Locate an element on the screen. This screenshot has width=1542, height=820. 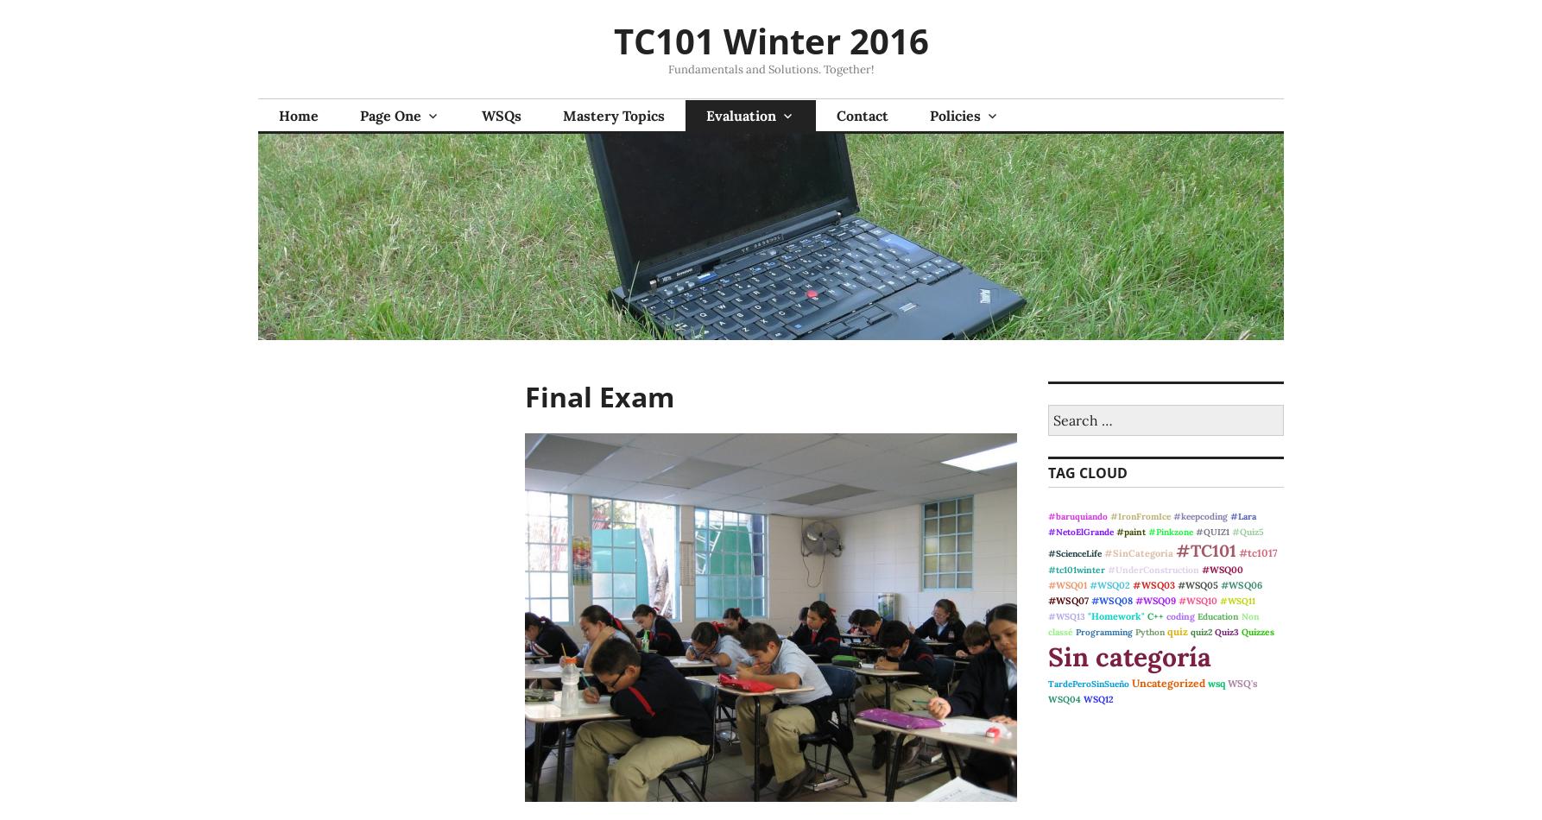
'#QUIZ1' is located at coordinates (1211, 532).